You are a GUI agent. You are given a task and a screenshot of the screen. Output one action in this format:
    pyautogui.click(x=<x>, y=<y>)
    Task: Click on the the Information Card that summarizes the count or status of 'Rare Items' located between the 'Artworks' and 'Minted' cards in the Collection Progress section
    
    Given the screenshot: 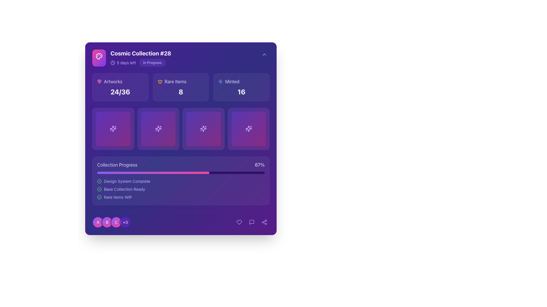 What is the action you would take?
    pyautogui.click(x=180, y=87)
    